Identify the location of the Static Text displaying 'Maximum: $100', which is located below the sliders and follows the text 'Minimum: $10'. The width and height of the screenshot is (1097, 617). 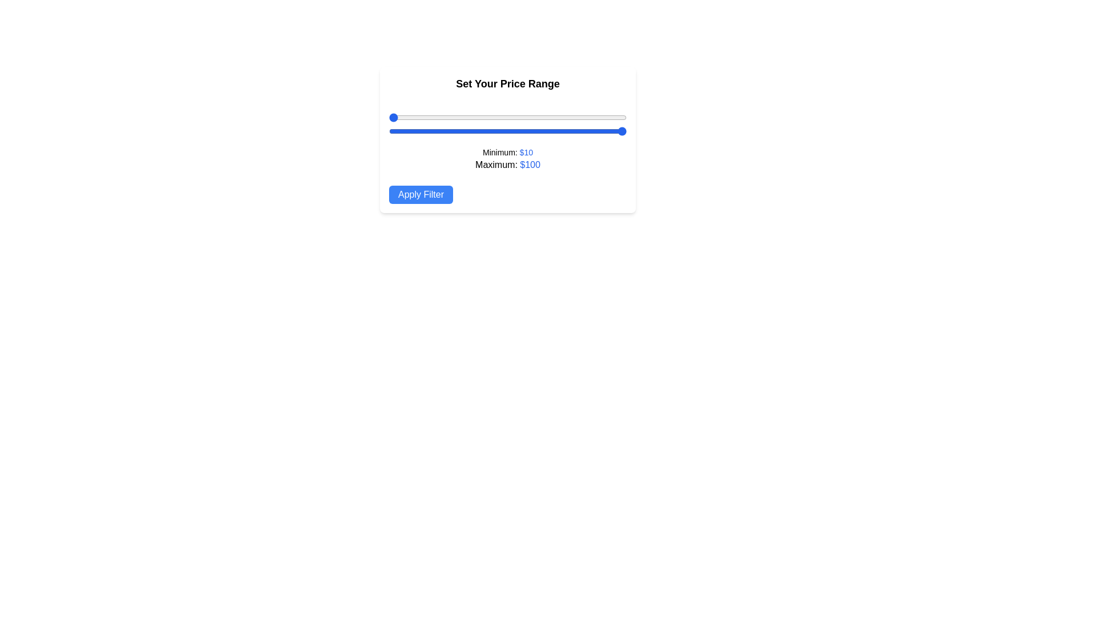
(507, 165).